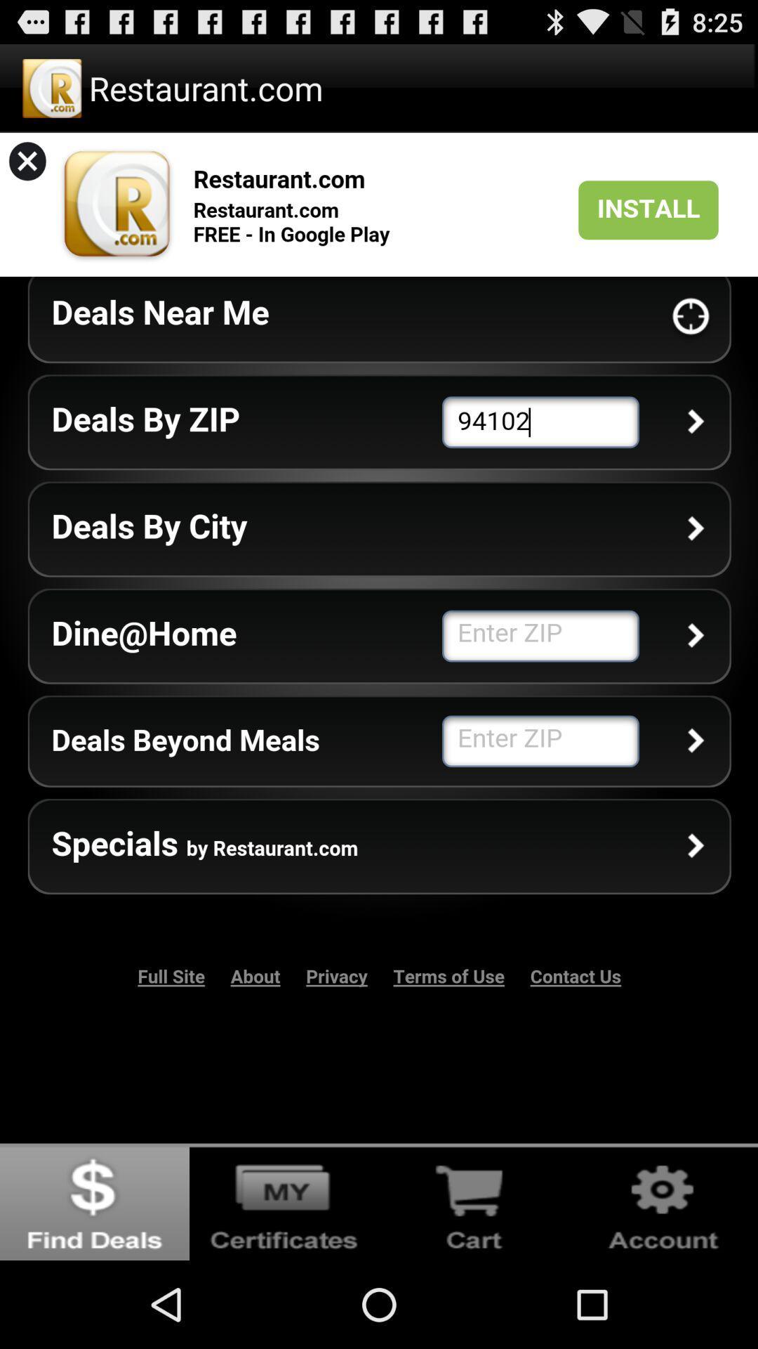 The width and height of the screenshot is (758, 1349). I want to click on go back, so click(95, 1201).